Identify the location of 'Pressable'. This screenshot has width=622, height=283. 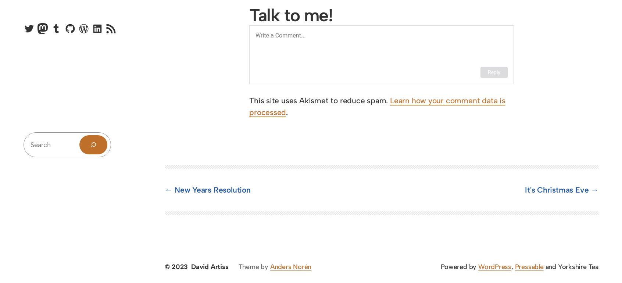
(529, 266).